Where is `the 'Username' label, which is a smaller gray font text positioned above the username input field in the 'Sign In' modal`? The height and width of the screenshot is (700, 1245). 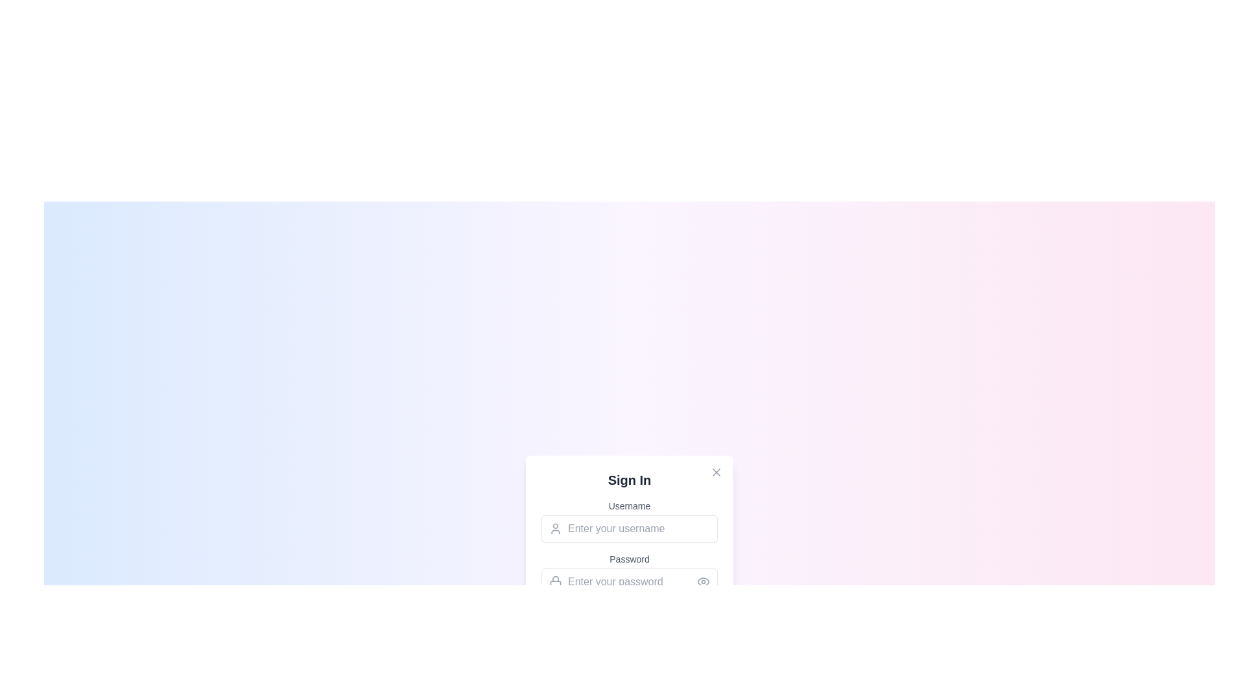
the 'Username' label, which is a smaller gray font text positioned above the username input field in the 'Sign In' modal is located at coordinates (629, 505).